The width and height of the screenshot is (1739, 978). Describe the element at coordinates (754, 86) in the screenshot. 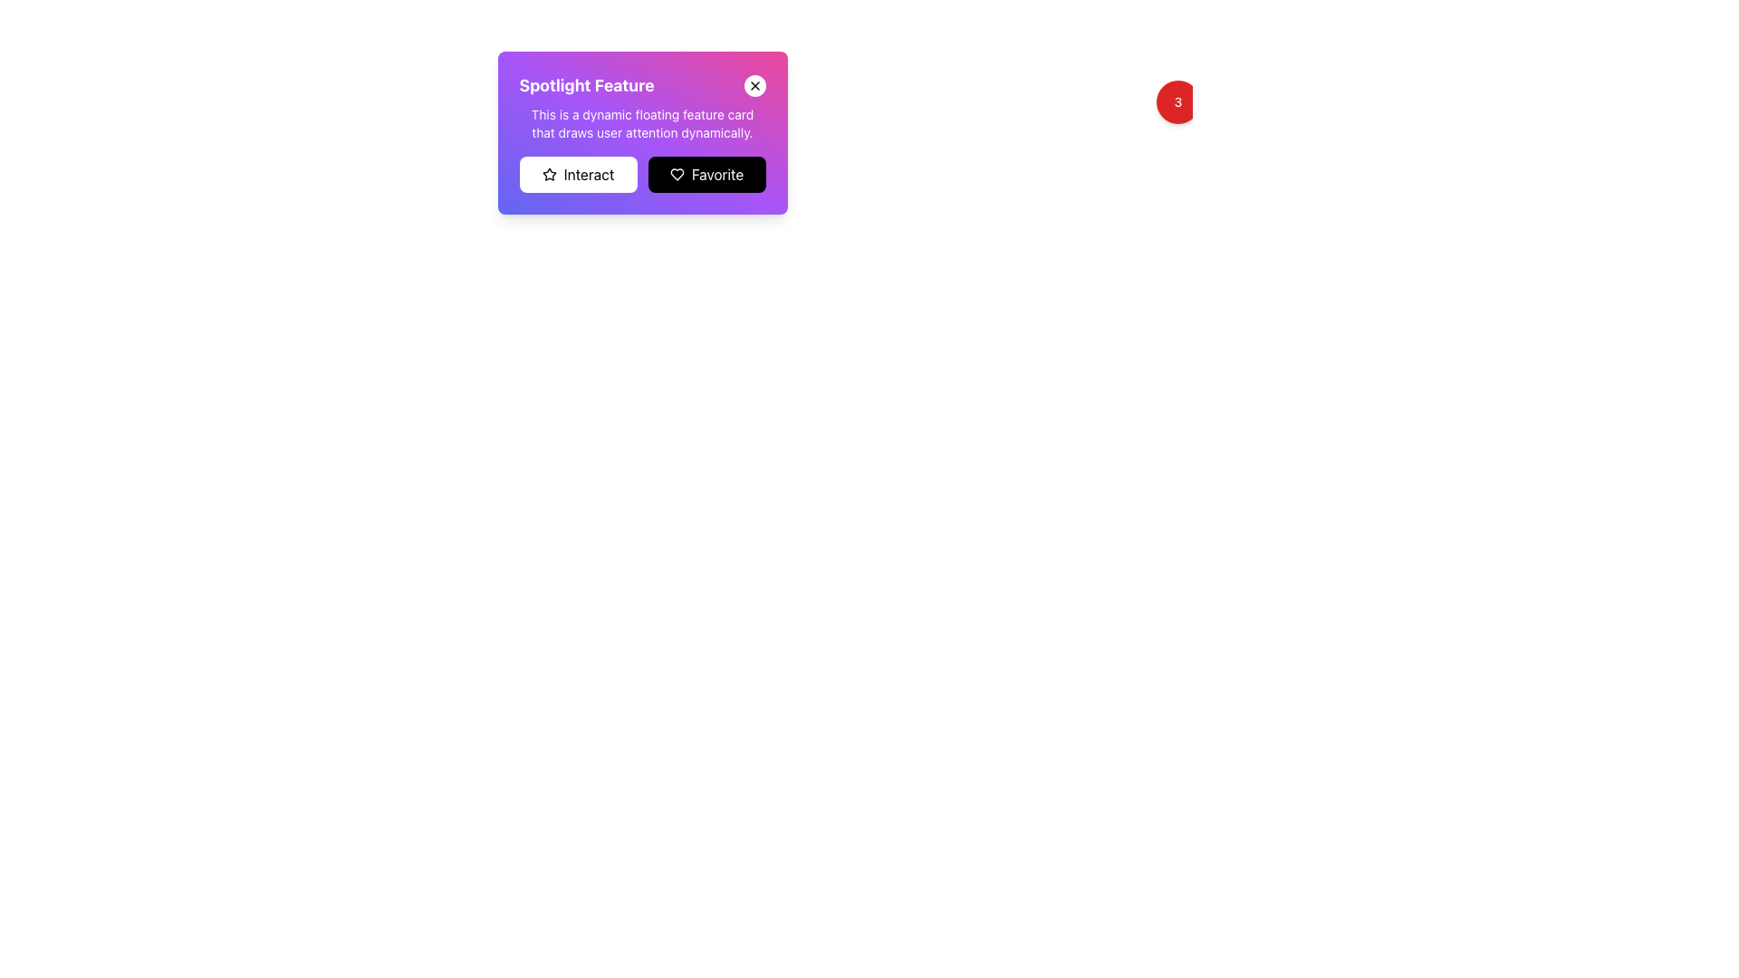

I see `the circular button with a white background and black border featuring a black 'X' icon, located in the top-right corner of the header of the card titled 'Spotlight Feature'` at that location.